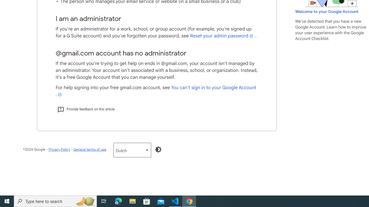 This screenshot has height=207, width=369. I want to click on 'Enable dark mode', so click(158, 149).